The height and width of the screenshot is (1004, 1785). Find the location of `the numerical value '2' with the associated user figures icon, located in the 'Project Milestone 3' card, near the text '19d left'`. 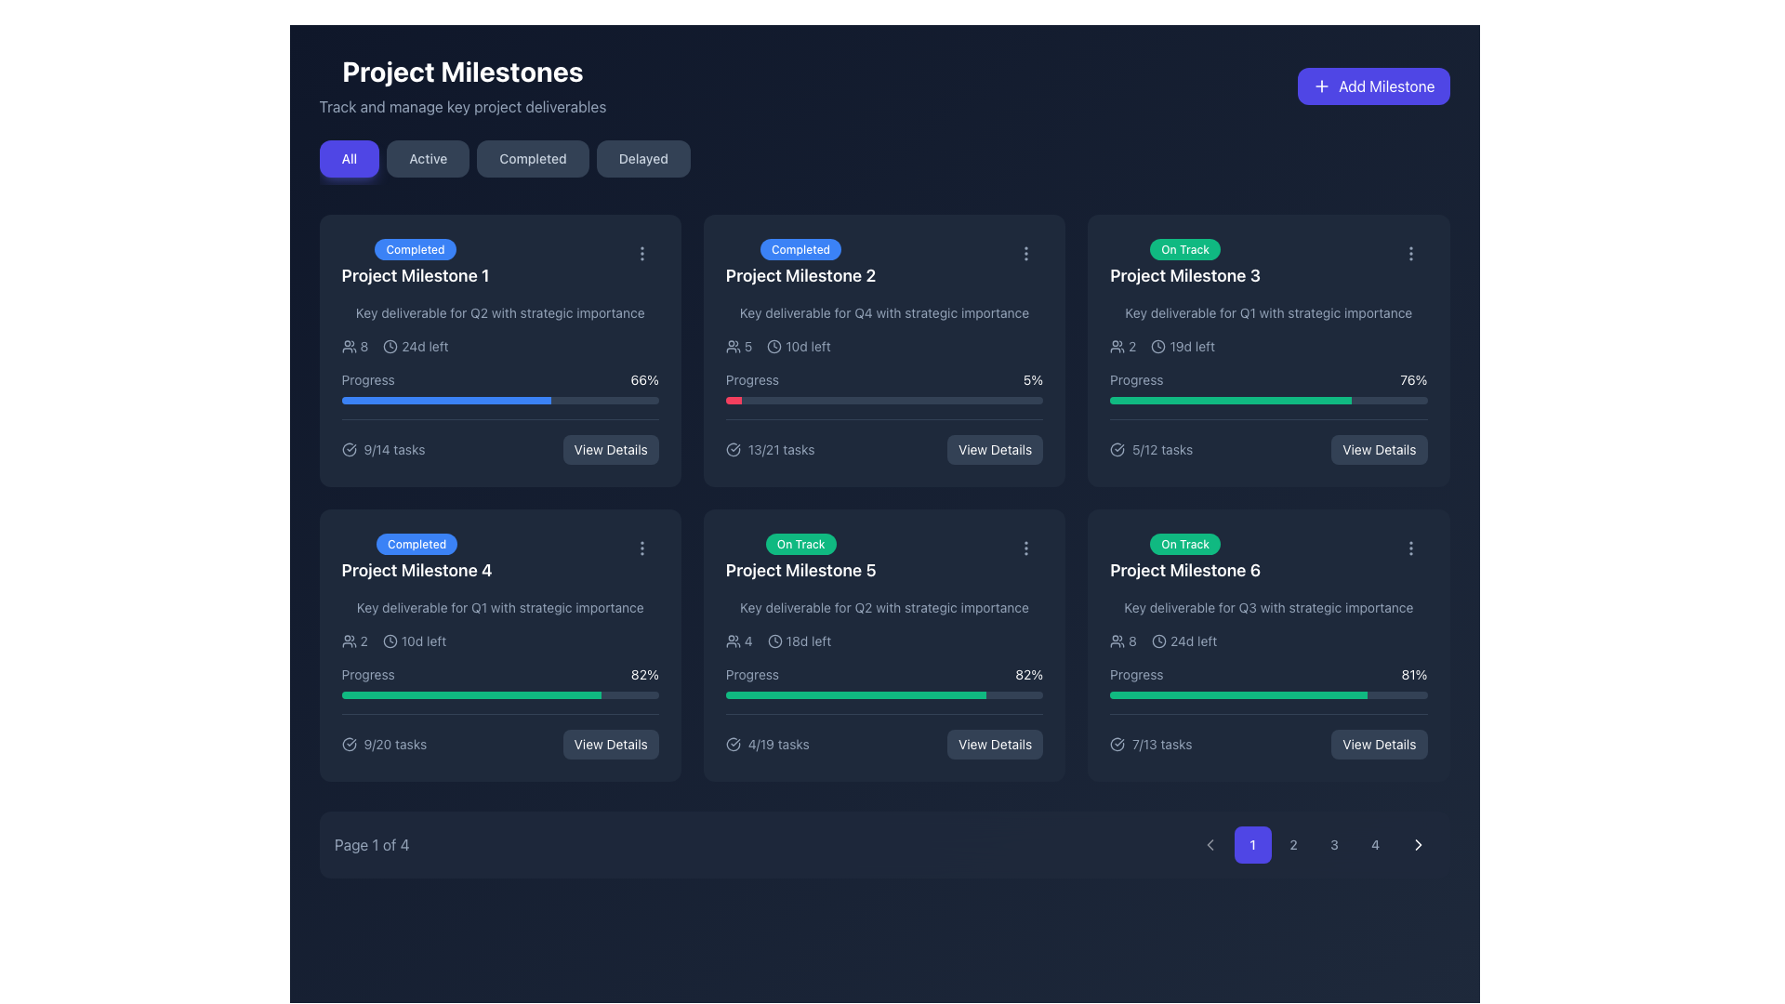

the numerical value '2' with the associated user figures icon, located in the 'Project Milestone 3' card, near the text '19d left' is located at coordinates (1122, 347).